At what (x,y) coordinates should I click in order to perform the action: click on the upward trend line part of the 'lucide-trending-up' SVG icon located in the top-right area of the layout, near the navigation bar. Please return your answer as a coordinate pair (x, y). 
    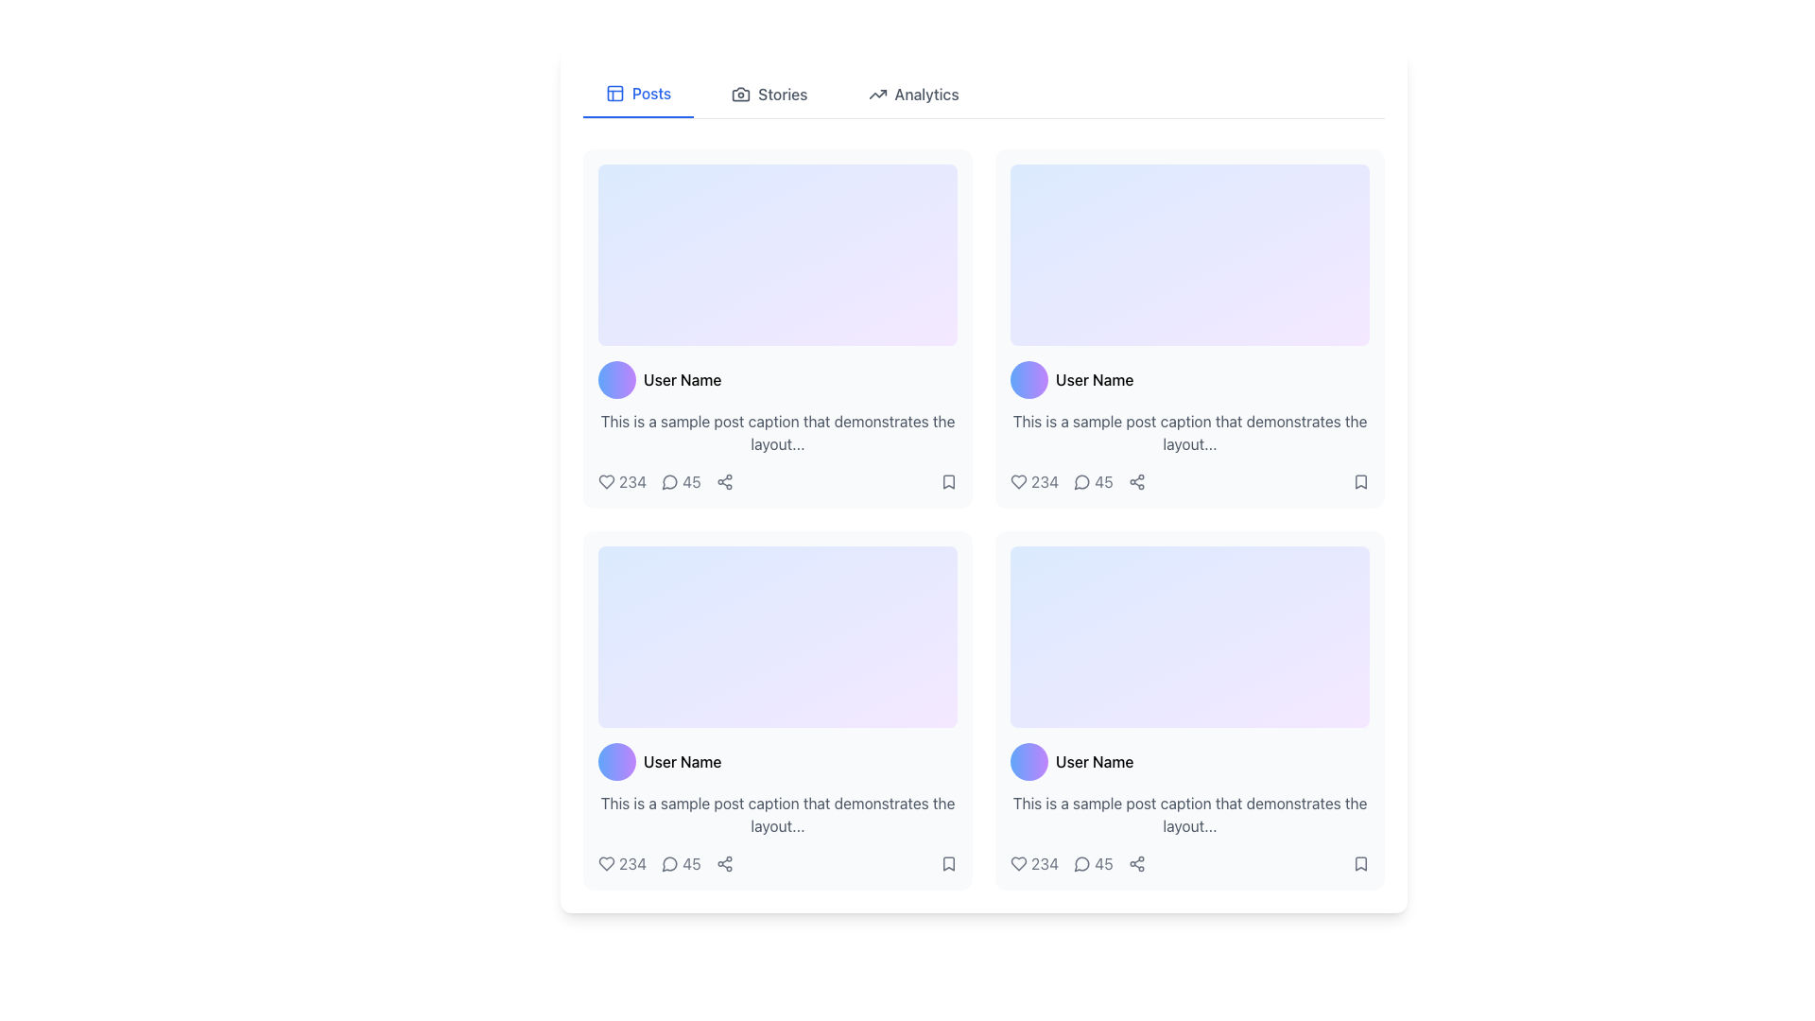
    Looking at the image, I should click on (876, 95).